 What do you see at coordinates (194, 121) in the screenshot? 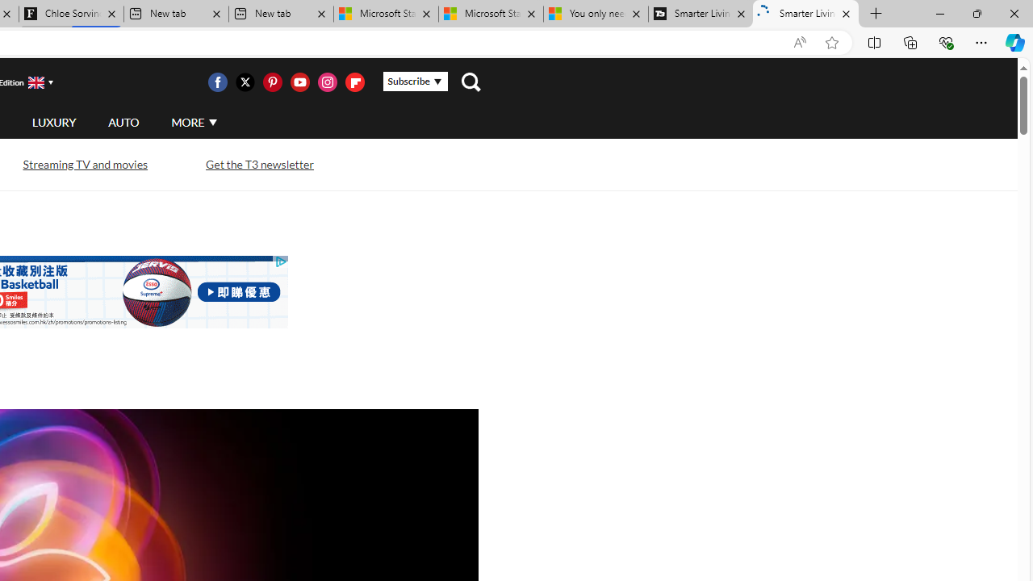
I see `'MORE '` at bounding box center [194, 121].